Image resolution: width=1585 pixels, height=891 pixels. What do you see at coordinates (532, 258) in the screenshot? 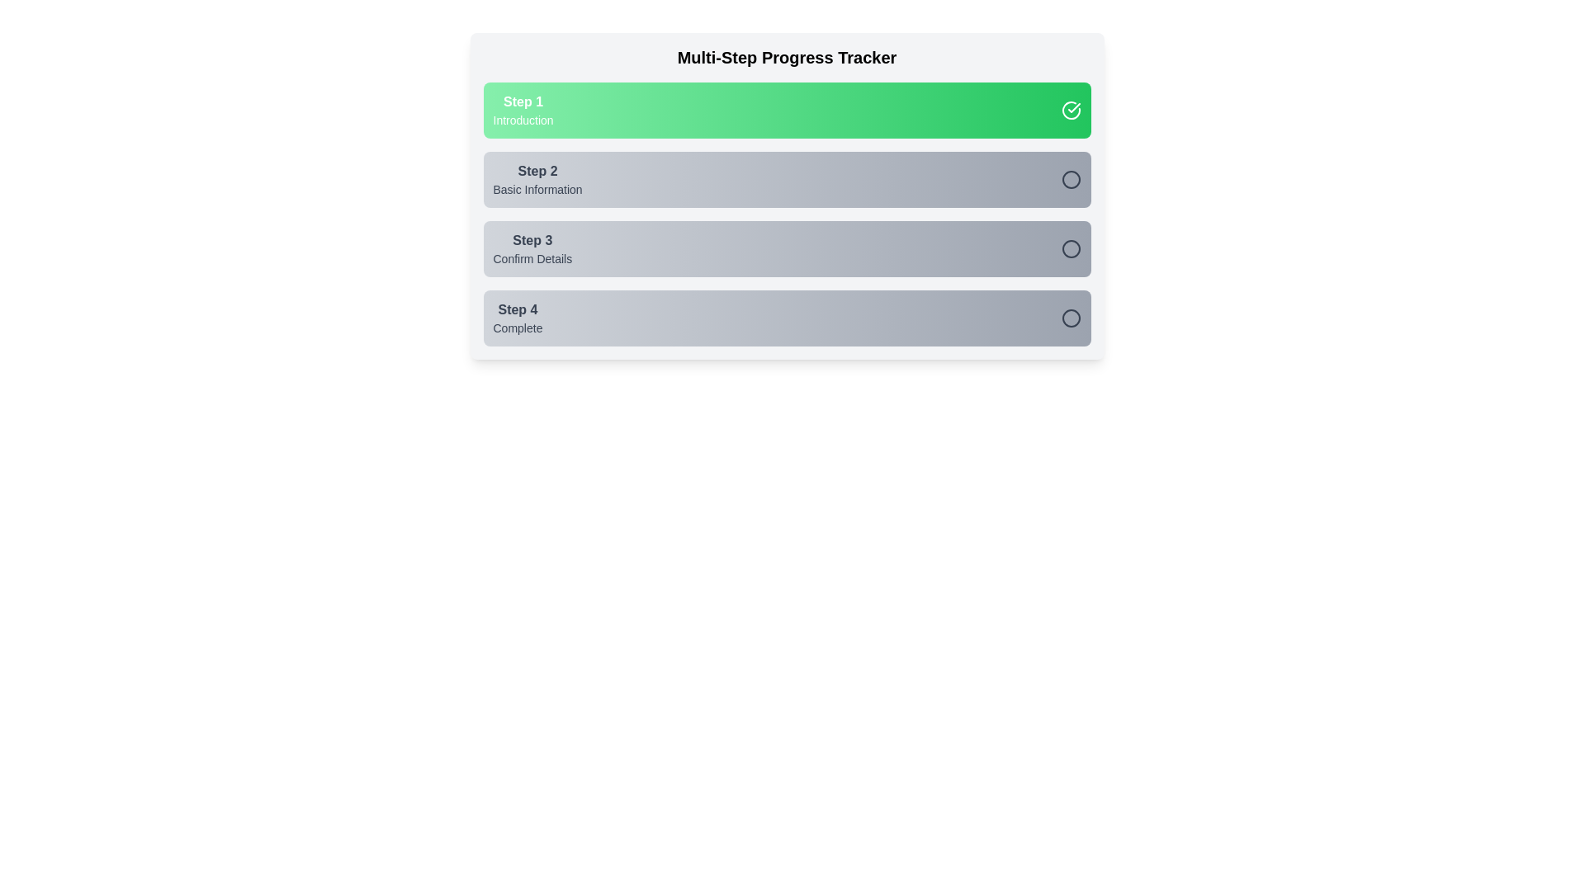
I see `the Text Label that describes the purpose of Step 3 in the progress tracker interface, located below the 'Step 3' text` at bounding box center [532, 258].